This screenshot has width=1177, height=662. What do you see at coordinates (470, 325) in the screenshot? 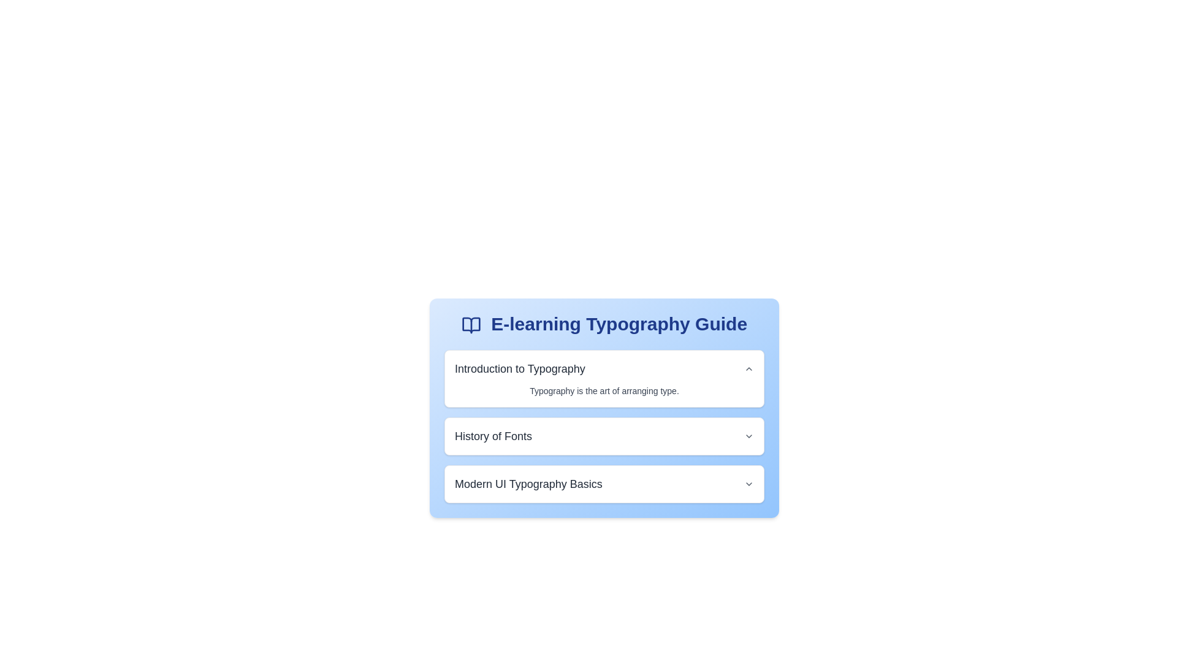
I see `the Decorative icon located in the upper-left corner of the content card, which precedes the title 'E-learning Typography Guide'` at bounding box center [470, 325].